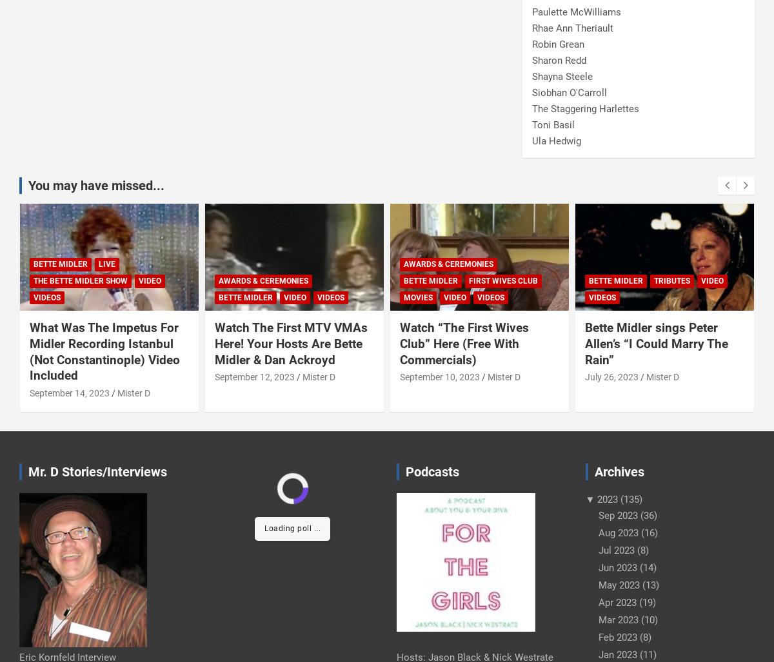 The height and width of the screenshot is (662, 774). What do you see at coordinates (671, 280) in the screenshot?
I see `'Tributes'` at bounding box center [671, 280].